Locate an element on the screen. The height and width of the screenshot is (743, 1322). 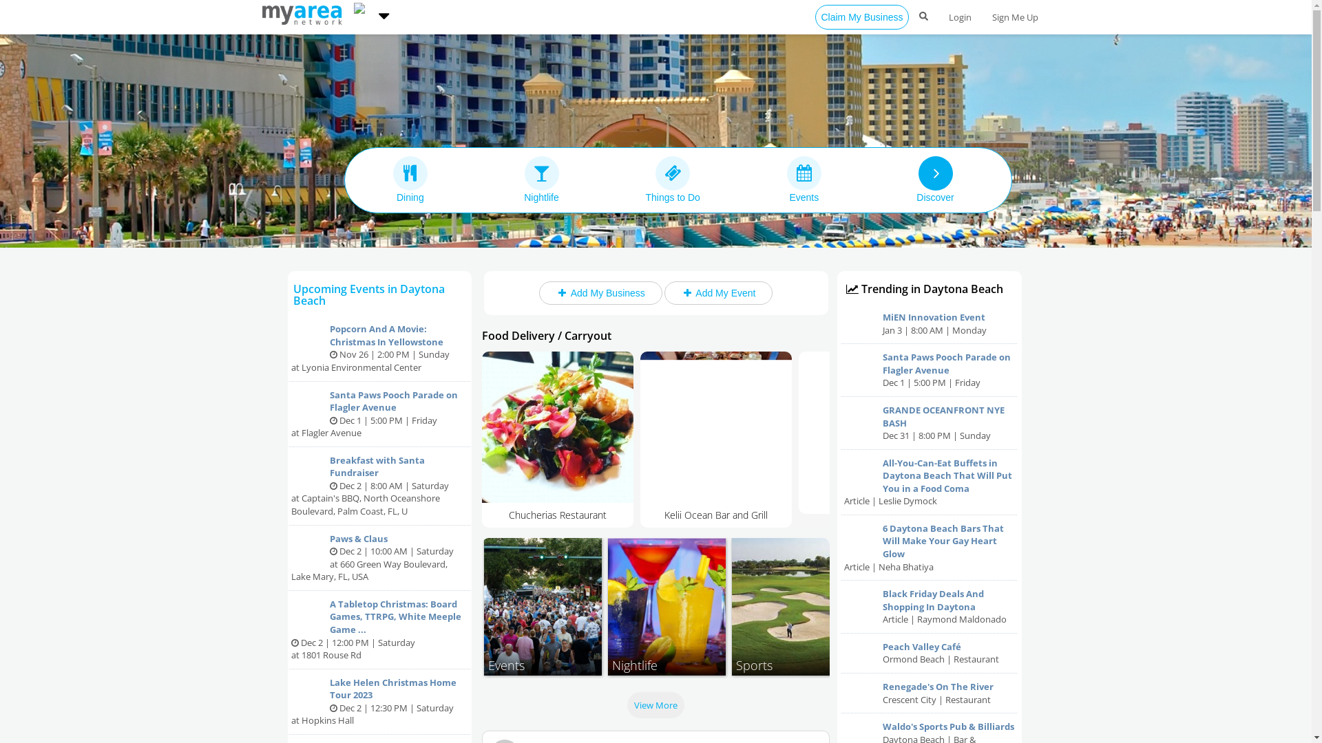
'View More' is located at coordinates (627, 705).